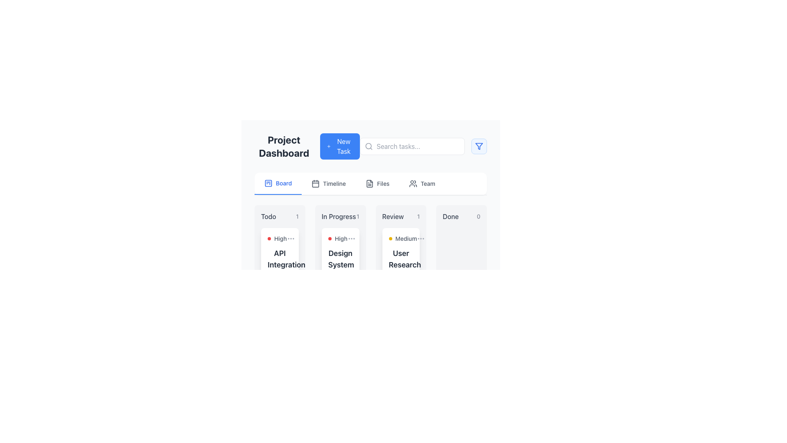 The image size is (787, 443). Describe the element at coordinates (401, 239) in the screenshot. I see `the yellow indicator located at the top of the card under the 'Review' column` at that location.